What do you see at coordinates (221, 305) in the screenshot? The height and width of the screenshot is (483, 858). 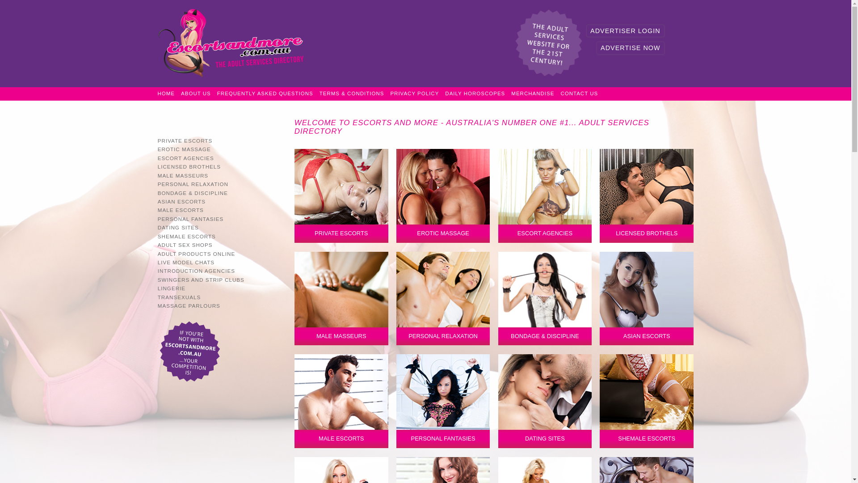 I see `'MASSAGE PARLOURS'` at bounding box center [221, 305].